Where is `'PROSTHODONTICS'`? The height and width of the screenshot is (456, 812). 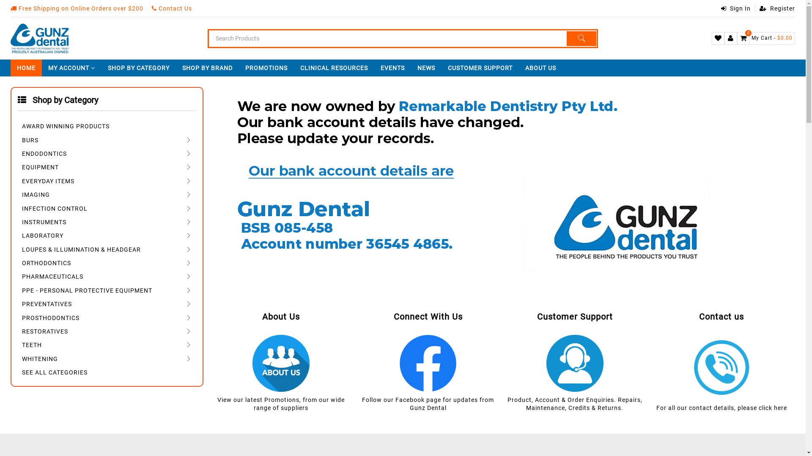
'PROSTHODONTICS' is located at coordinates (107, 318).